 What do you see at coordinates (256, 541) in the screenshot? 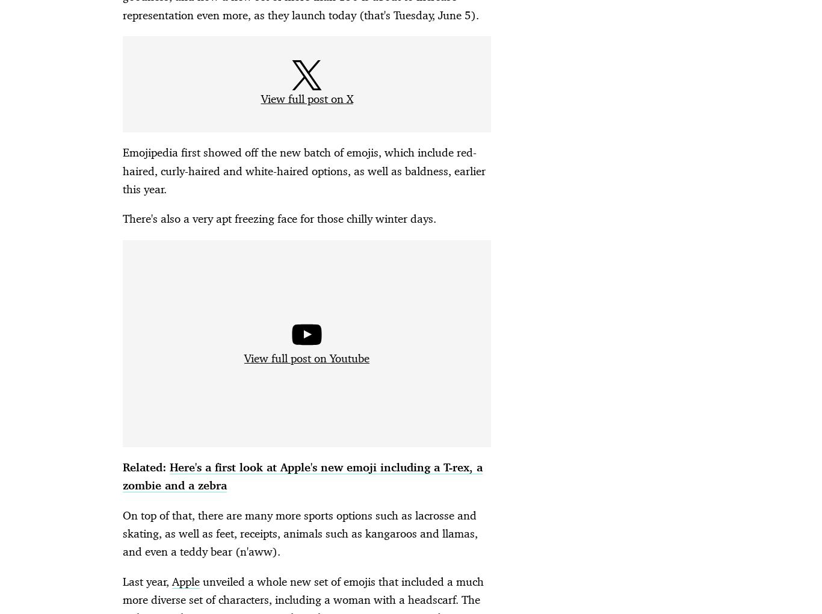
I see `'Doctors'` at bounding box center [256, 541].